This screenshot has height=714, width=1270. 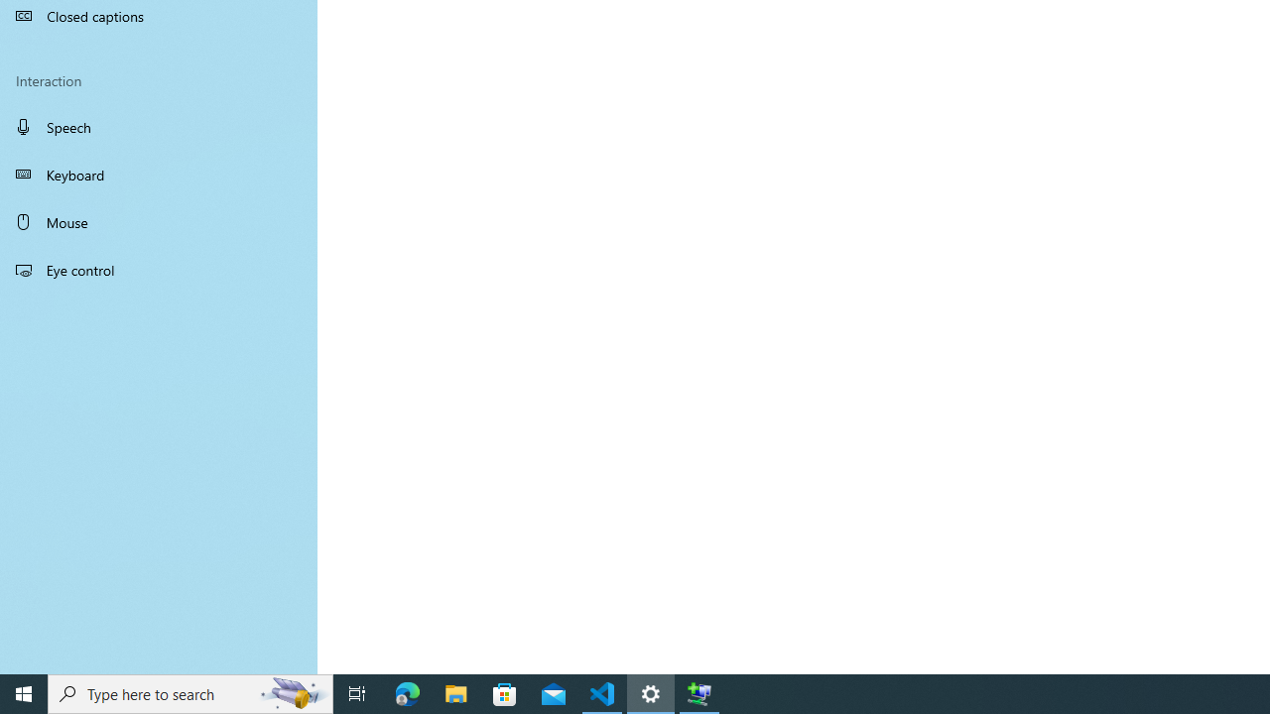 What do you see at coordinates (651, 692) in the screenshot?
I see `'Settings - 1 running window'` at bounding box center [651, 692].